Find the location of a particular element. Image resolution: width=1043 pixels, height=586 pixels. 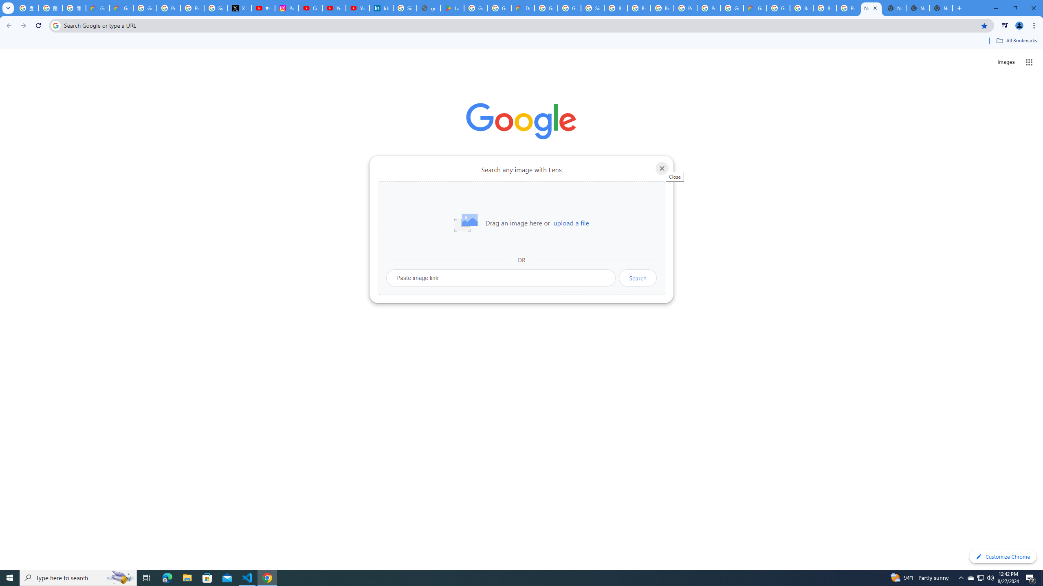

'Google Workspace - Specific Terms' is located at coordinates (499, 8).